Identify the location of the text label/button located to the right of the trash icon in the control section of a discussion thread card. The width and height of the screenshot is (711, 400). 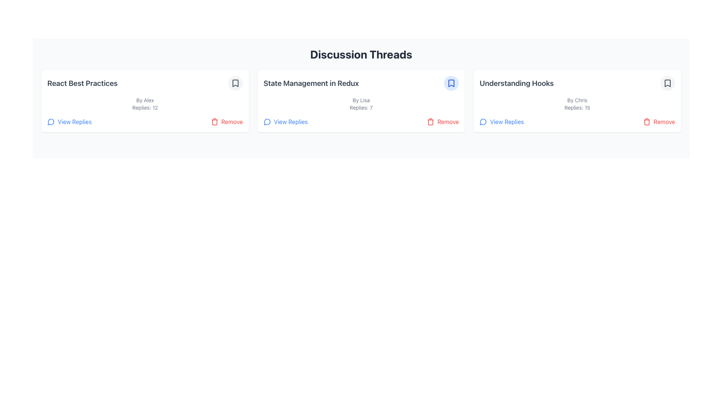
(448, 121).